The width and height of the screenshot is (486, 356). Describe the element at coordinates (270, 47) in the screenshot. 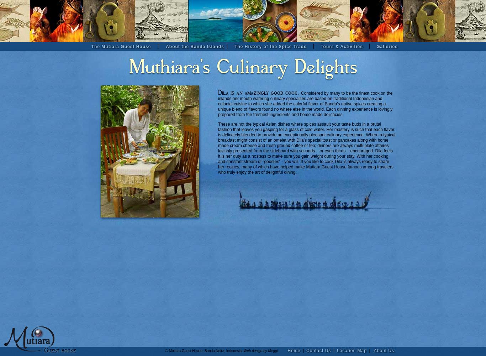

I see `'The History of the Spice Trade'` at that location.